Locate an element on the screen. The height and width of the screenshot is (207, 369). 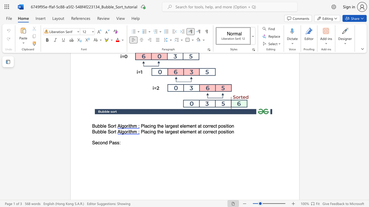
the 2th character "s" in the text is located at coordinates (118, 143).